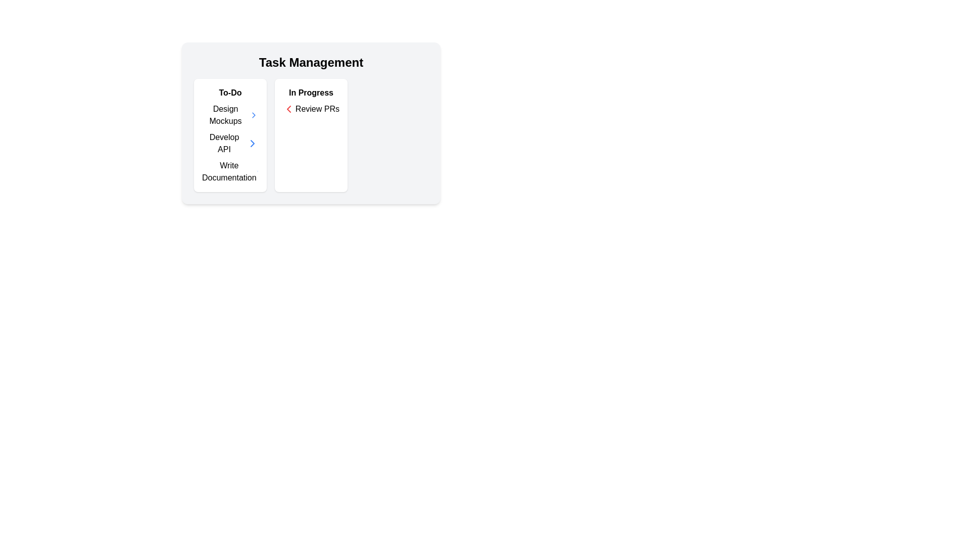 This screenshot has height=546, width=970. What do you see at coordinates (230, 171) in the screenshot?
I see `the chevron icon associated with the 'Write Documentation' task item in the To-Do list to navigate to a detailed view` at bounding box center [230, 171].